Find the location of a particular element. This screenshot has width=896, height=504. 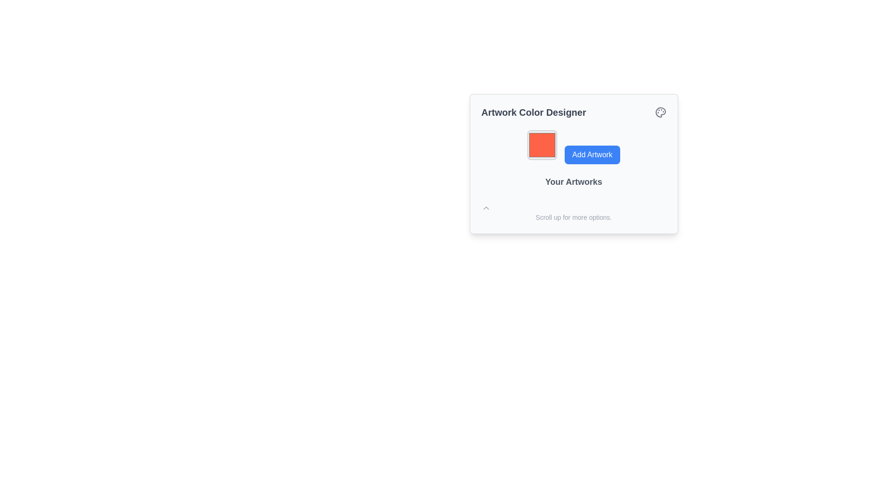

the SVG icon shaped like a painter's palette located at the rightmost end of the header section labeled 'Artwork Color Designer' is located at coordinates (660, 112).